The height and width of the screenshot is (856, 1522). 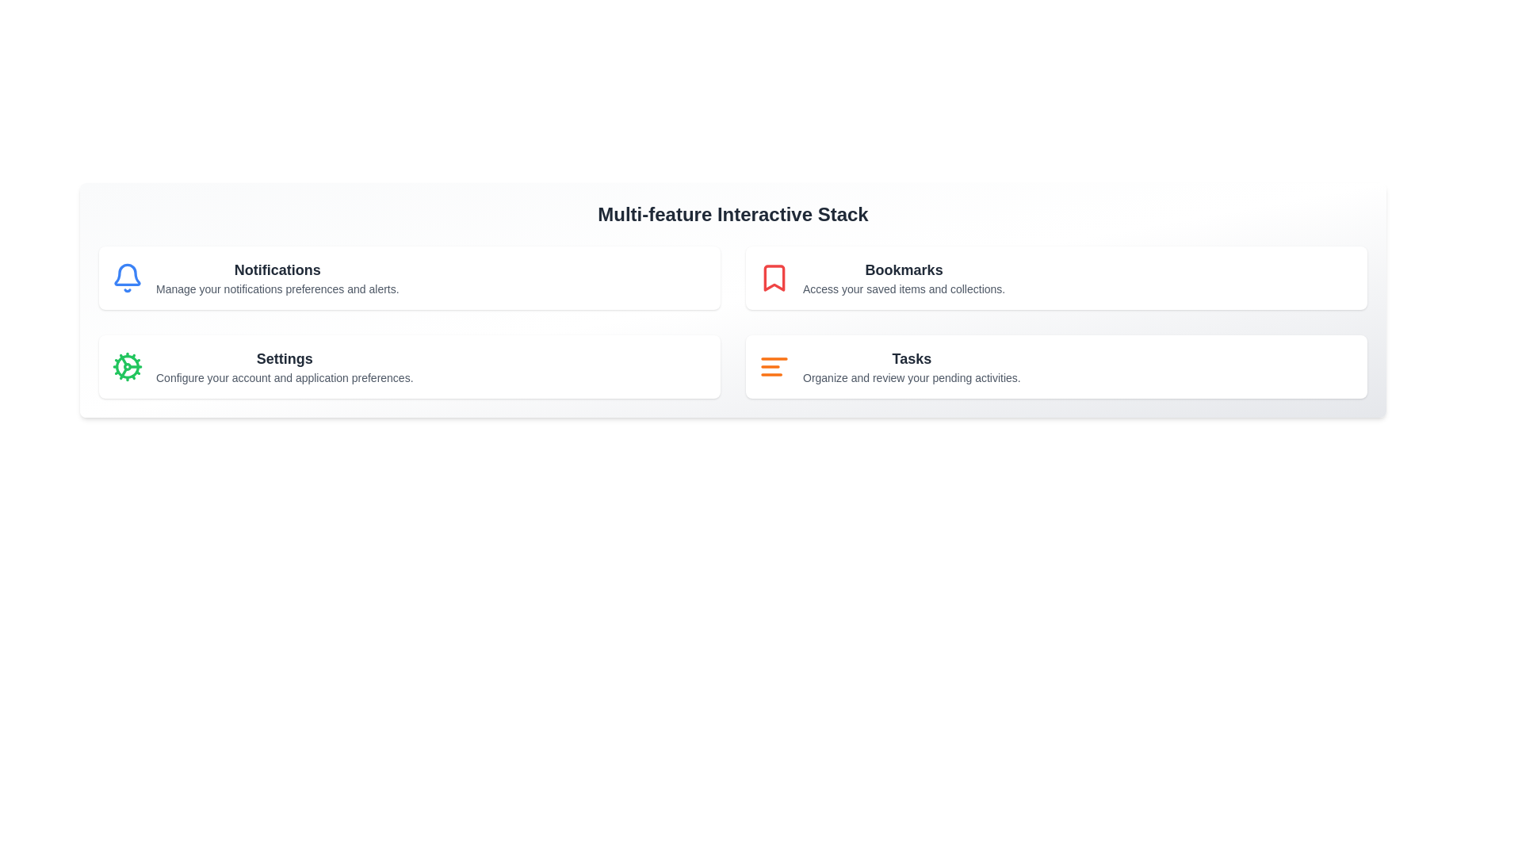 I want to click on the static text block indicating the notifications section, which is located in the top-left section of the layout and is the first item in a vertical list of options, so click(x=277, y=277).